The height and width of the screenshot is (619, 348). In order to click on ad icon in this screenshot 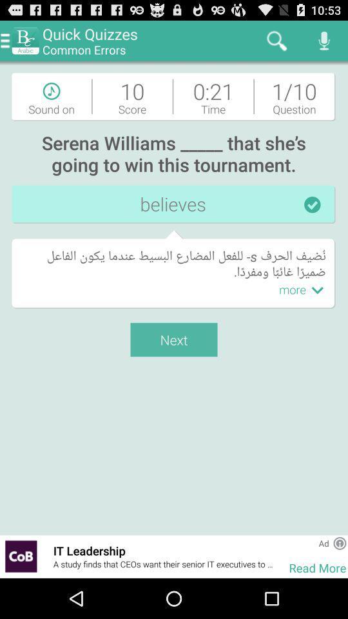, I will do `click(323, 542)`.